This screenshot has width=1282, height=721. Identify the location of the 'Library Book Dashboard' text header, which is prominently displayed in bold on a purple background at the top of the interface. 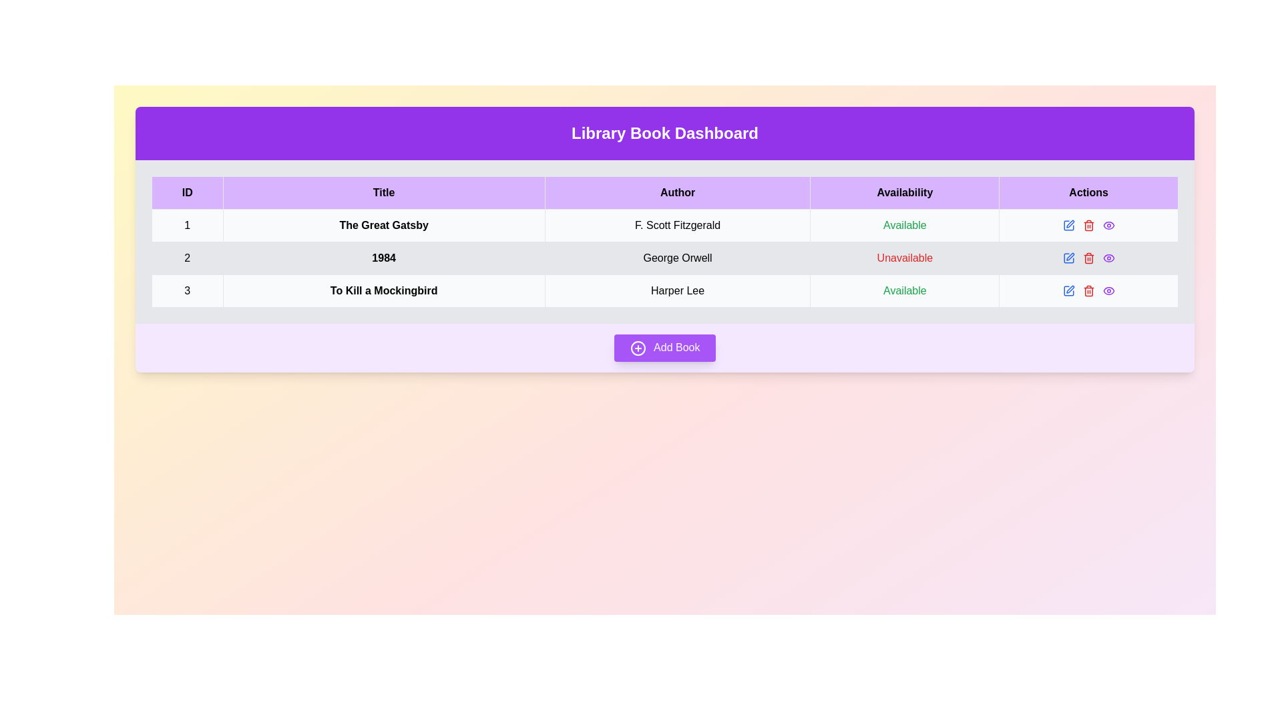
(665, 134).